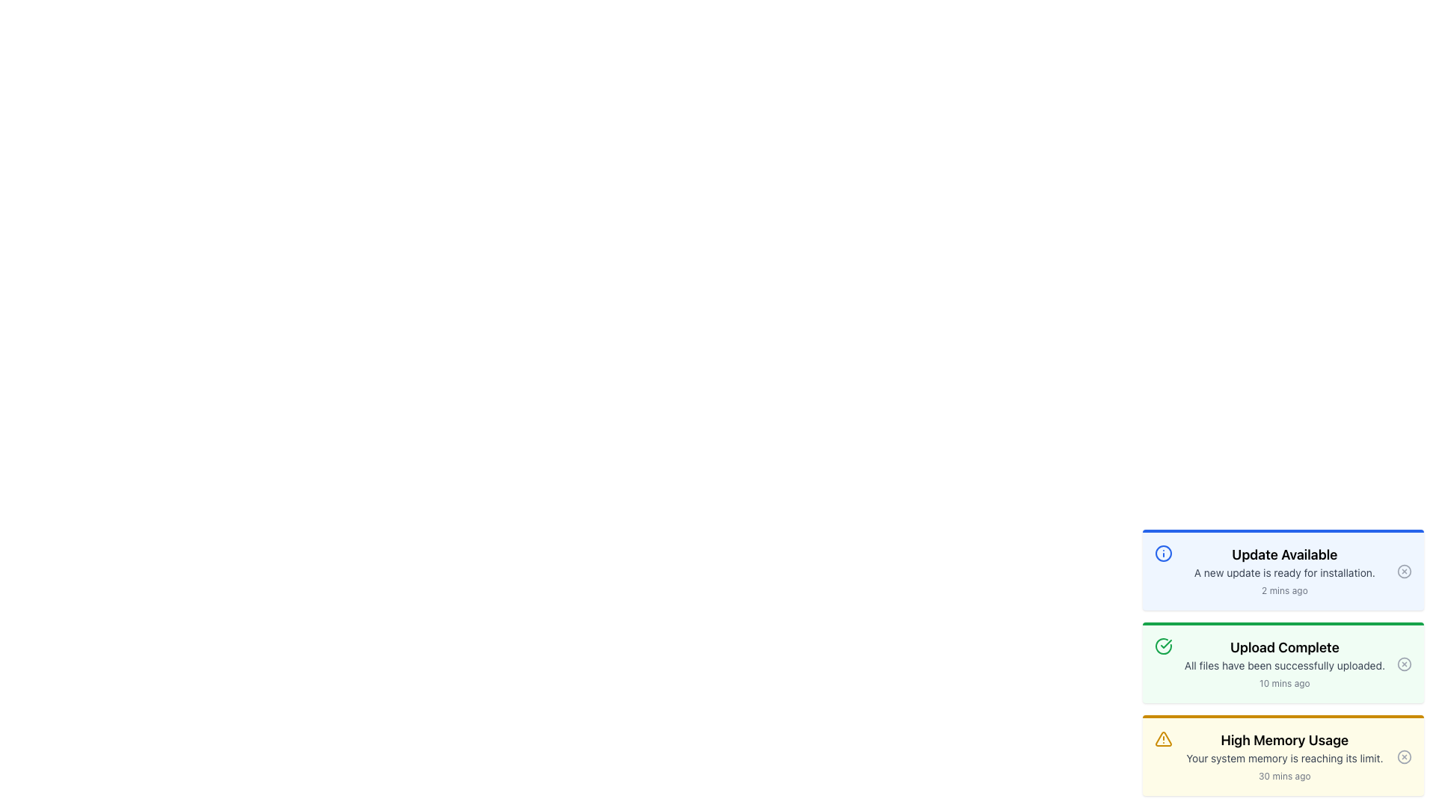 This screenshot has width=1436, height=808. What do you see at coordinates (1283, 572) in the screenshot?
I see `the static text element that provides information about the system update, located beneath the 'Update Available' header` at bounding box center [1283, 572].